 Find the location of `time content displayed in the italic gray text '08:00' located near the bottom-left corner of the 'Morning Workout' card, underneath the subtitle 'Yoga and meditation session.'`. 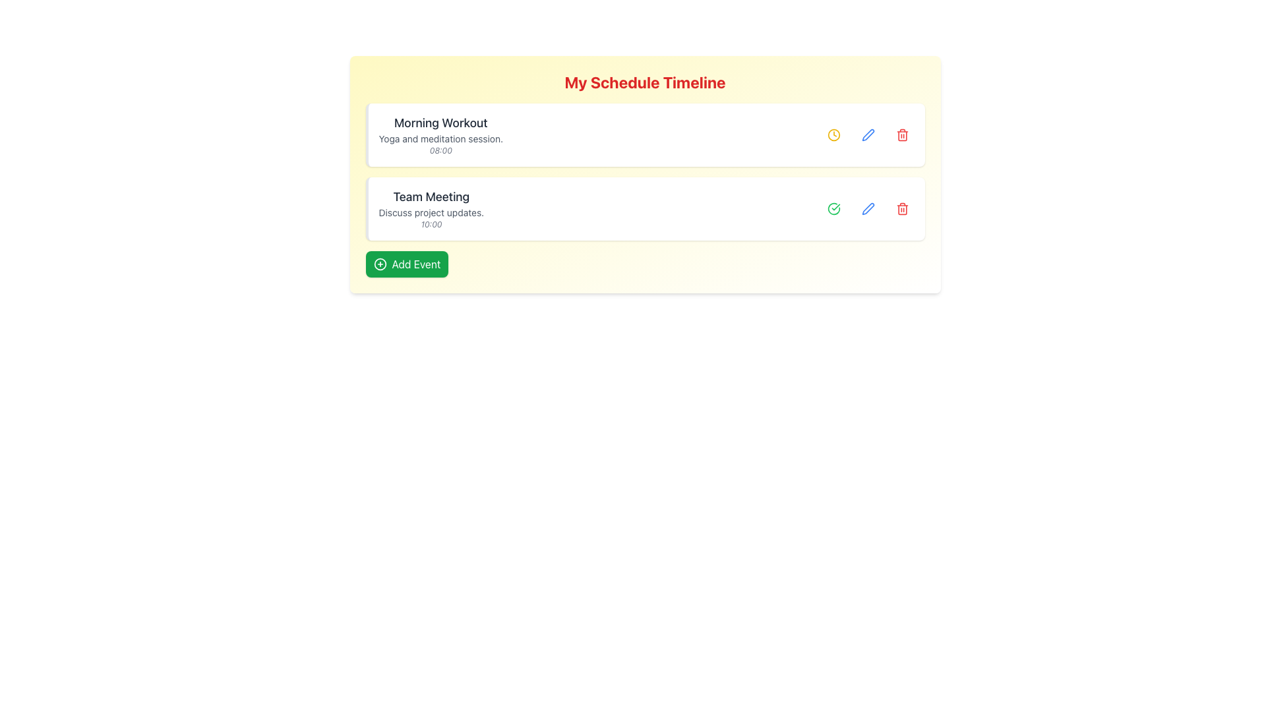

time content displayed in the italic gray text '08:00' located near the bottom-left corner of the 'Morning Workout' card, underneath the subtitle 'Yoga and meditation session.' is located at coordinates (440, 150).